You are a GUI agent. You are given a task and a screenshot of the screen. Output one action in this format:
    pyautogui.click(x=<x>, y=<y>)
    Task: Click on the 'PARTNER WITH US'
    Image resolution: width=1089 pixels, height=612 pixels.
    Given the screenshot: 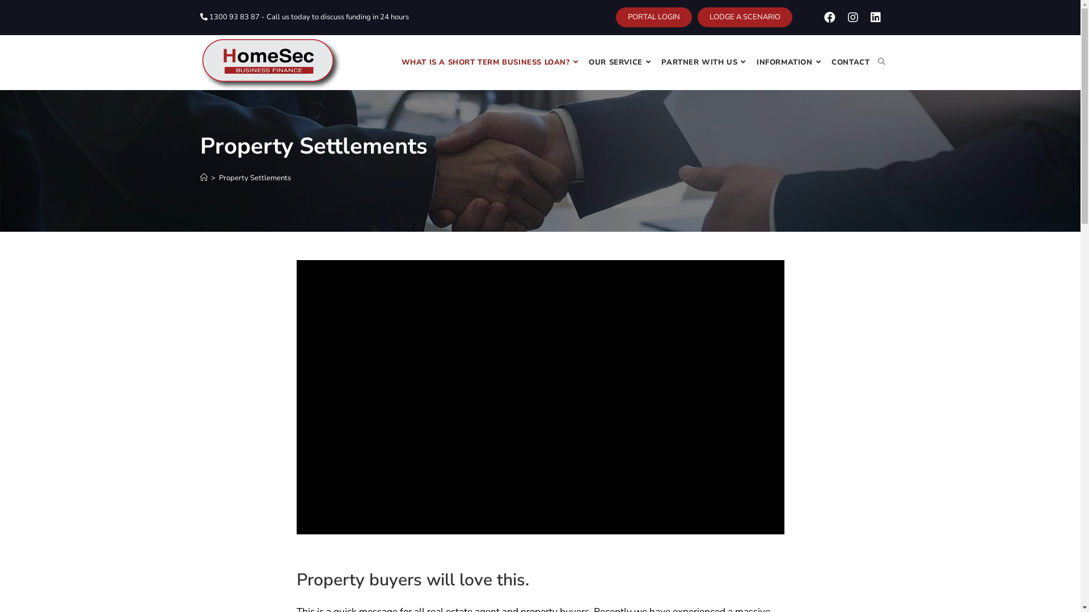 What is the action you would take?
    pyautogui.click(x=704, y=62)
    